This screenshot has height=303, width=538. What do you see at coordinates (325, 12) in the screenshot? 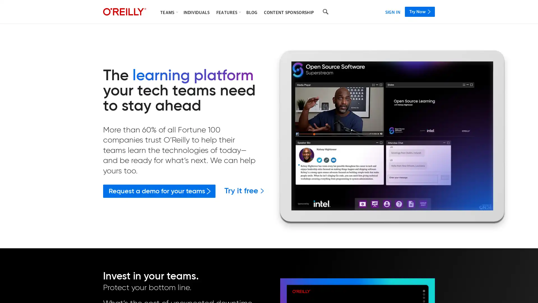
I see `Search` at bounding box center [325, 12].